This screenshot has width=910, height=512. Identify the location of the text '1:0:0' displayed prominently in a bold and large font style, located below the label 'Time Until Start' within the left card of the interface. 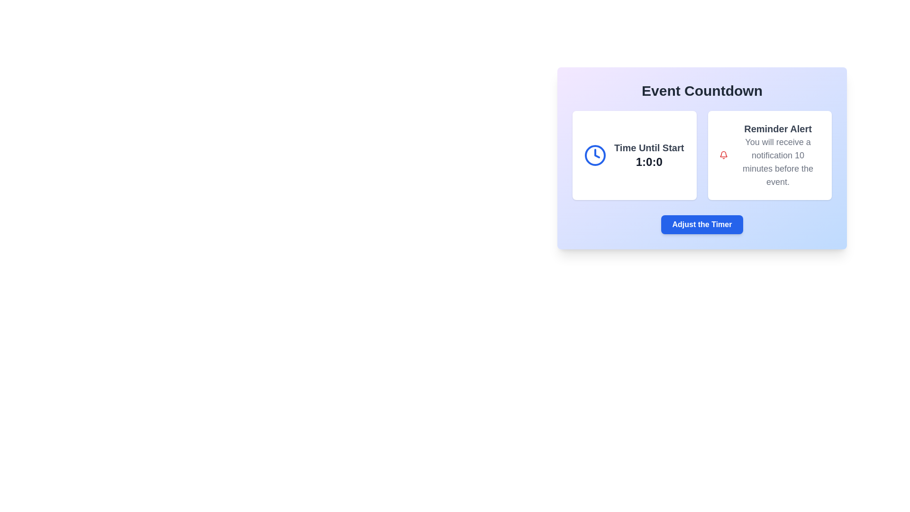
(648, 162).